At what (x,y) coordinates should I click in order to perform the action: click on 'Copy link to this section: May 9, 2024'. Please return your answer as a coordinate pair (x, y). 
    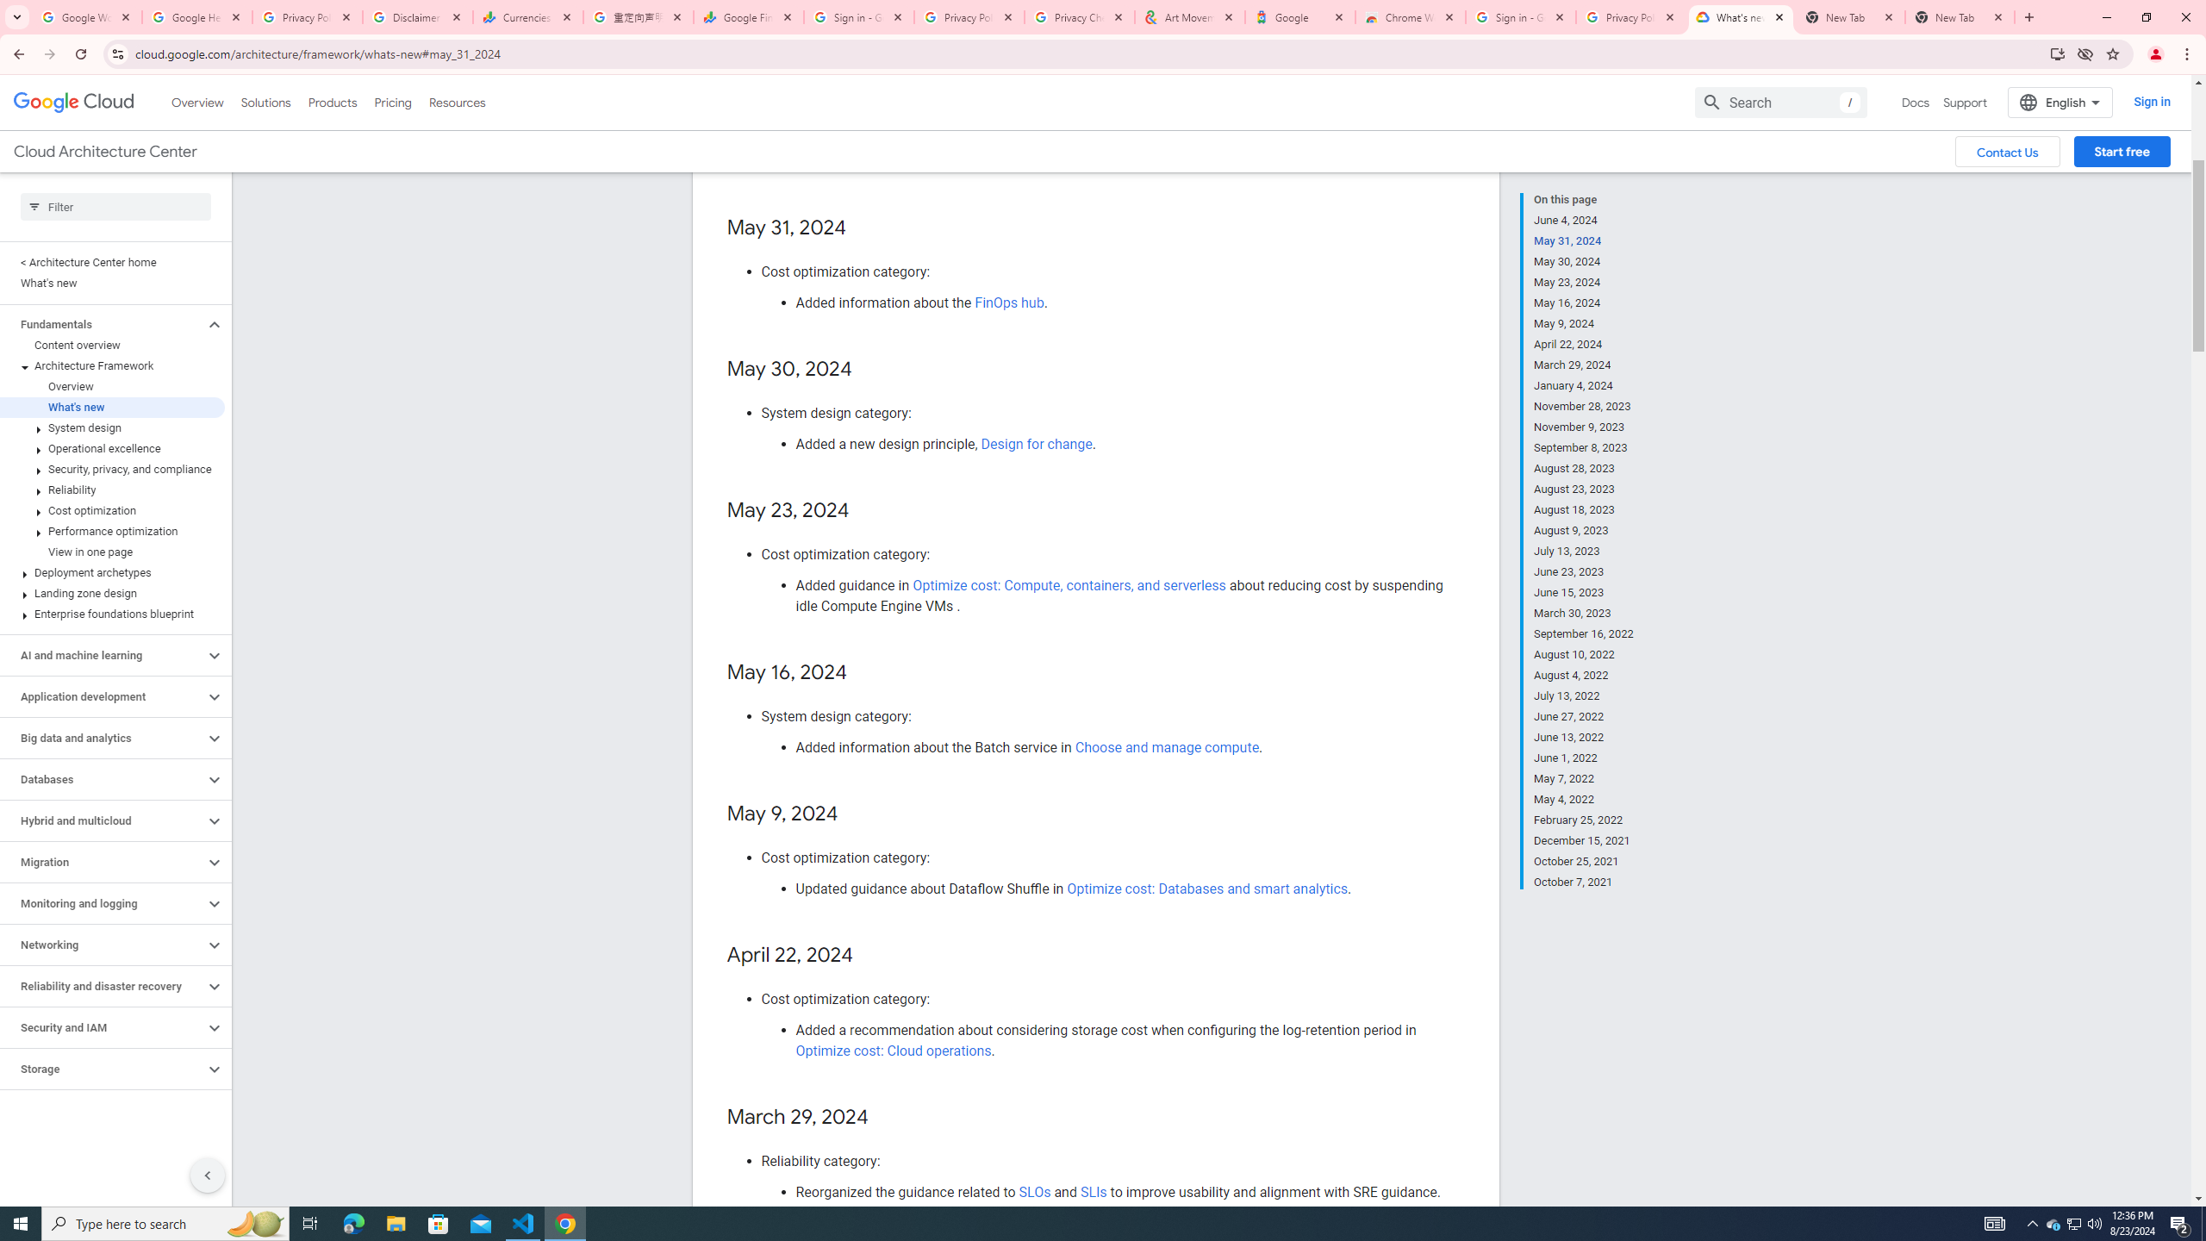
    Looking at the image, I should click on (855, 814).